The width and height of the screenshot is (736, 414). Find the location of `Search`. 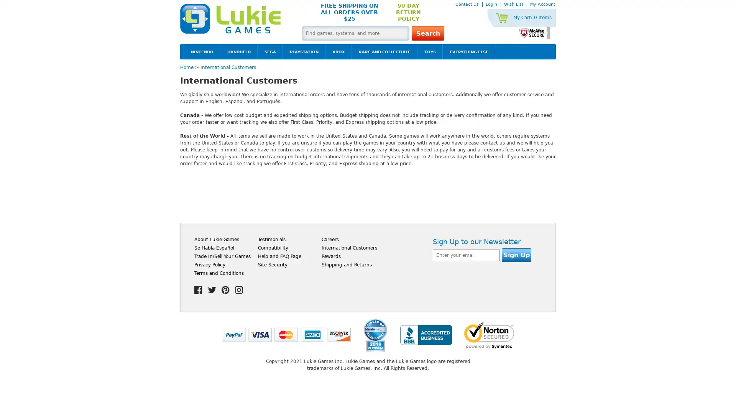

Search is located at coordinates (427, 33).